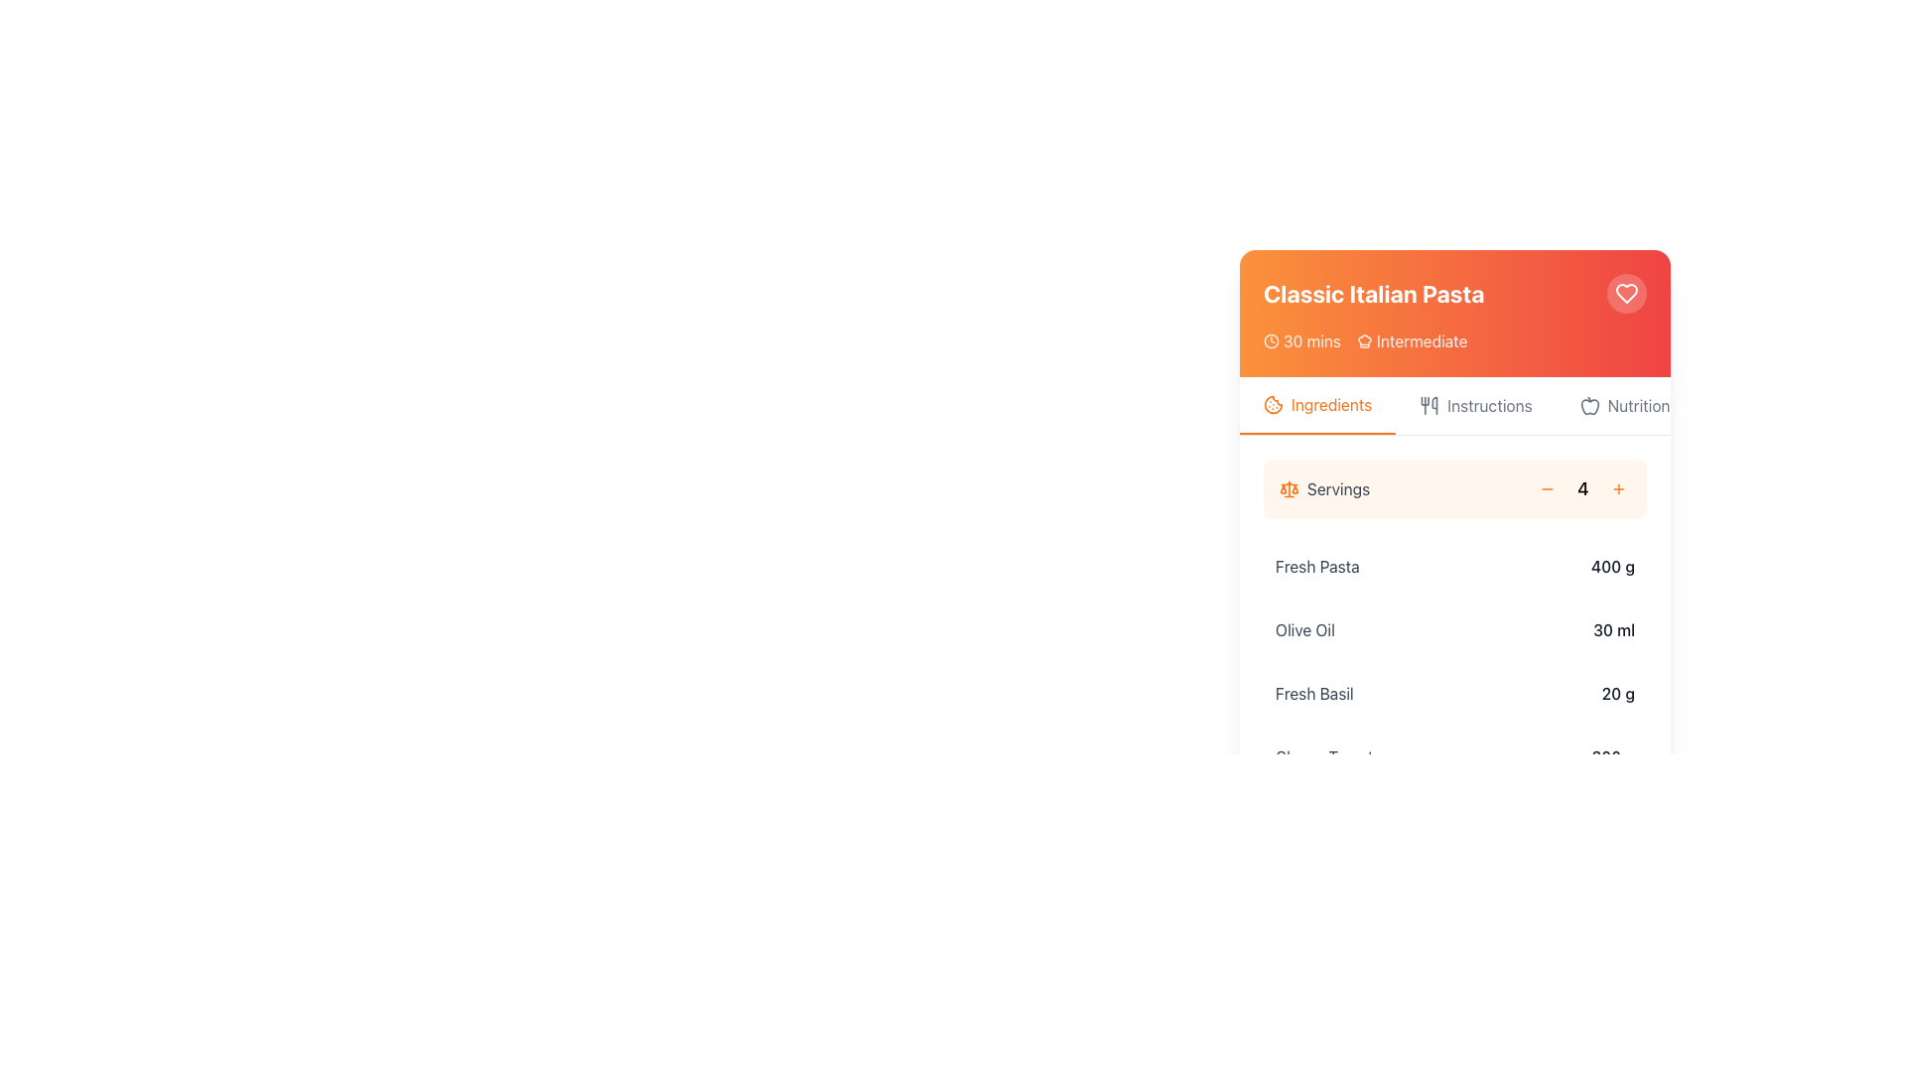 The height and width of the screenshot is (1072, 1906). Describe the element at coordinates (1639, 404) in the screenshot. I see `the fourth tab in the navigation menu, which is related to nutrition` at that location.